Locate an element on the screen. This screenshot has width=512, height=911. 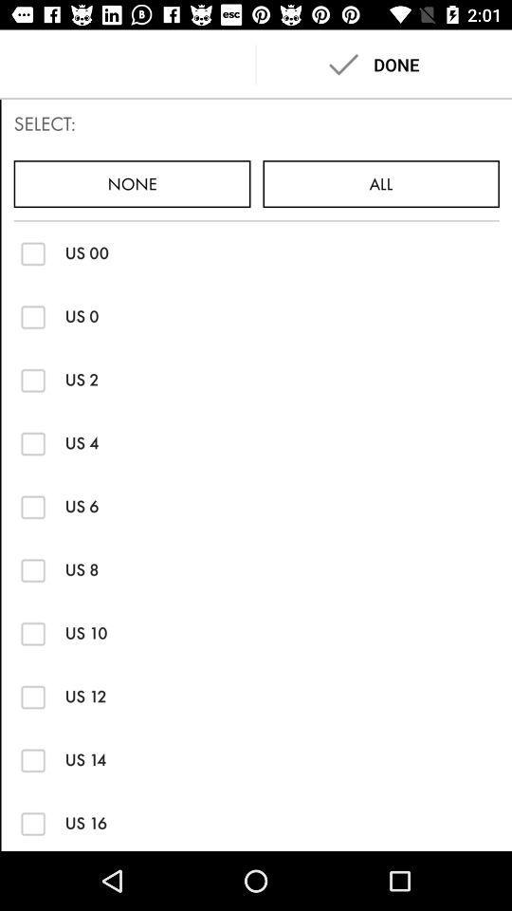
size 12 option is located at coordinates (33, 696).